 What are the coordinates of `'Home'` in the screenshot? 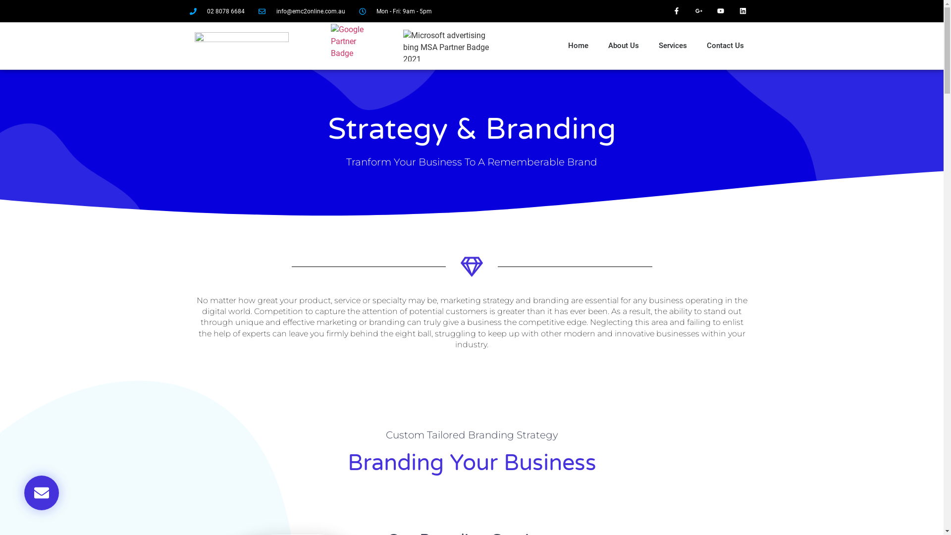 It's located at (578, 46).